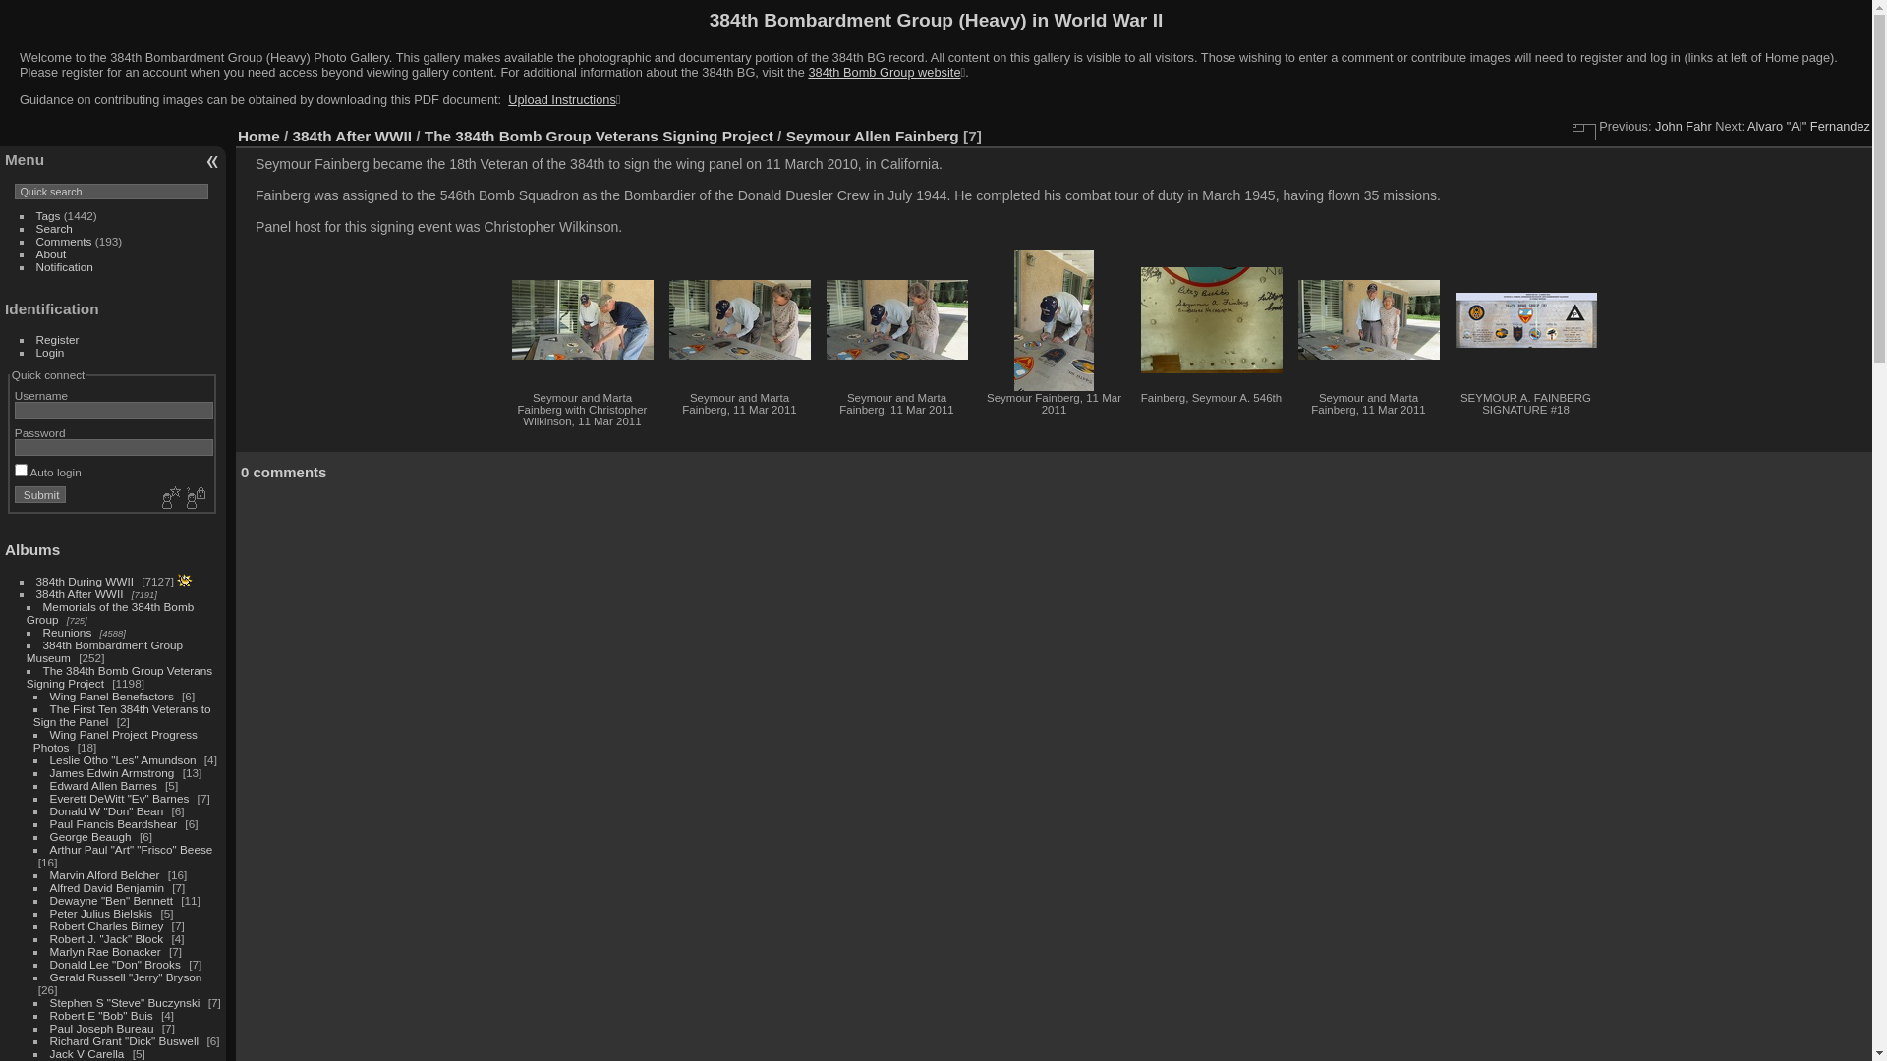  I want to click on 'Fainberg, Seymour A. 546th (1460 visits)', so click(1210, 319).